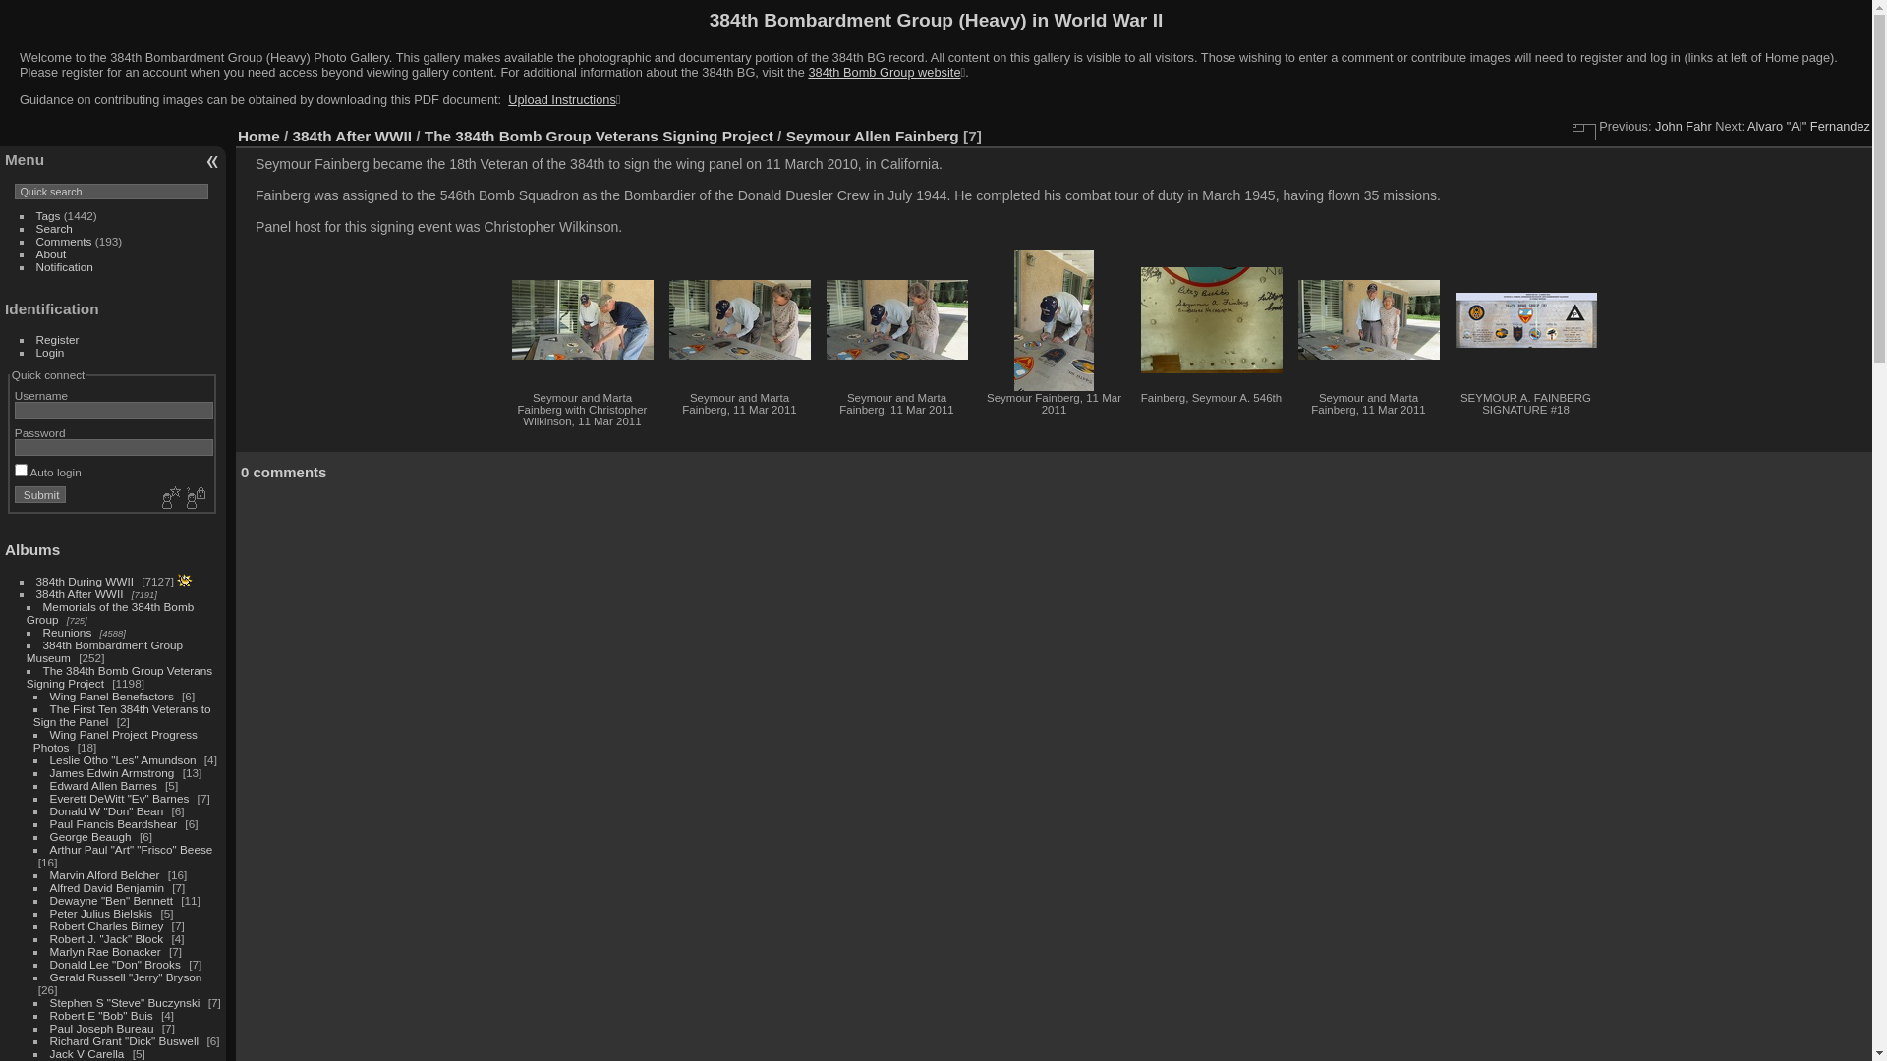  I want to click on 'Fainberg, Seymour A. 546th (1460 visits)', so click(1210, 319).